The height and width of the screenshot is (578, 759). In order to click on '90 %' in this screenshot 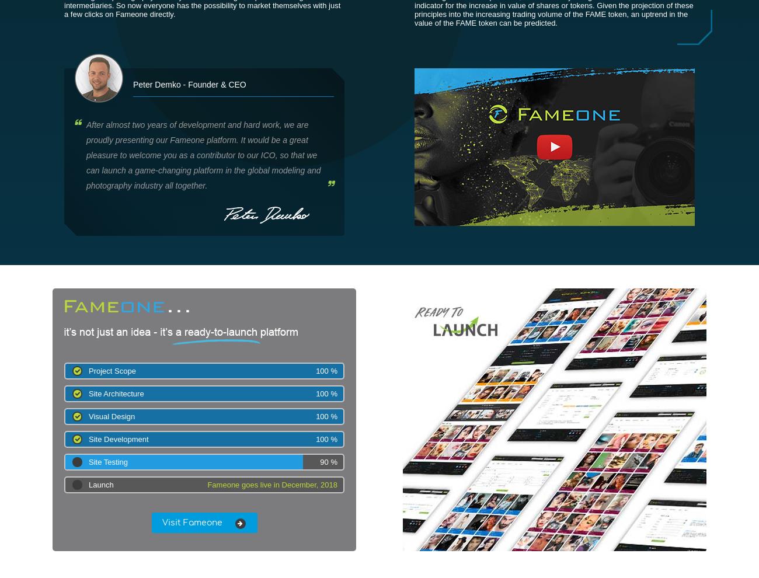, I will do `click(319, 462)`.